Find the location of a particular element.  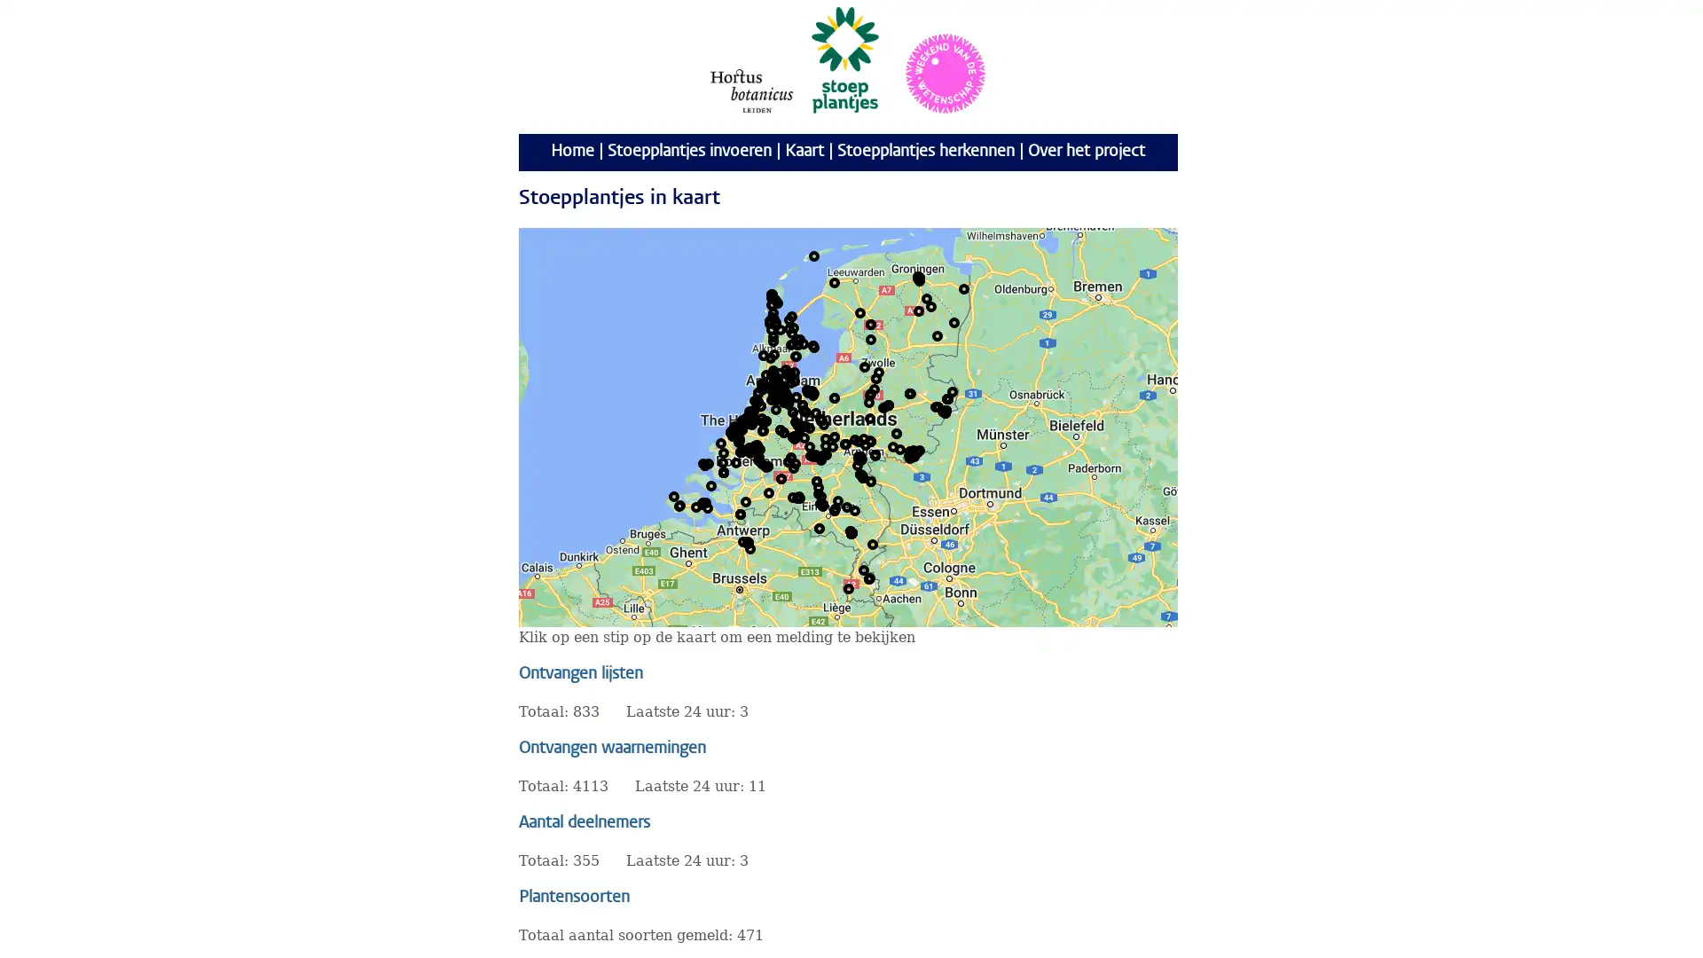

Telling van Lida op 09 mei 2022 is located at coordinates (763, 355).